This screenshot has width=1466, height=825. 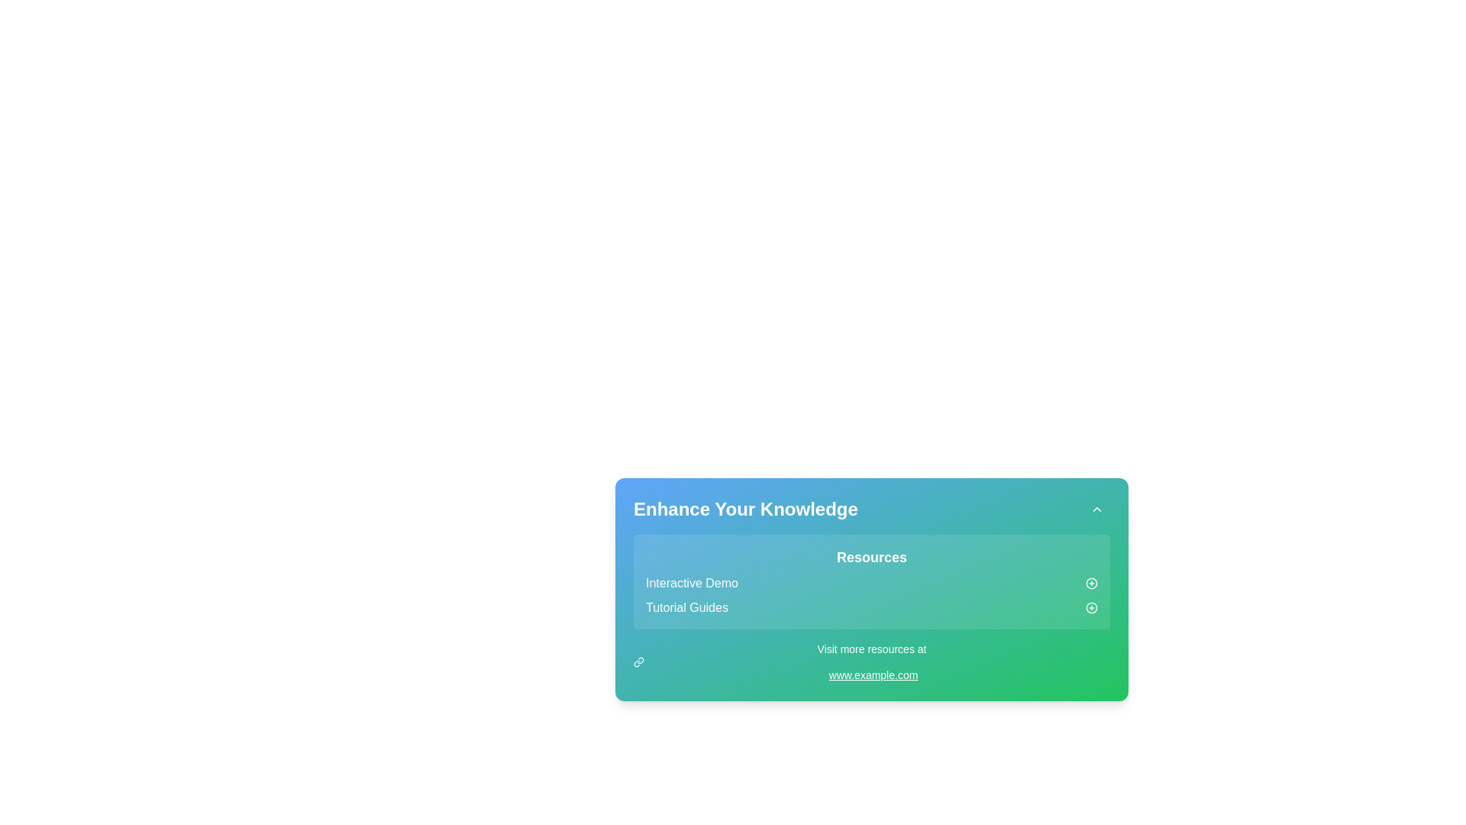 I want to click on the 'Tutorial Guides' link, so click(x=686, y=607).